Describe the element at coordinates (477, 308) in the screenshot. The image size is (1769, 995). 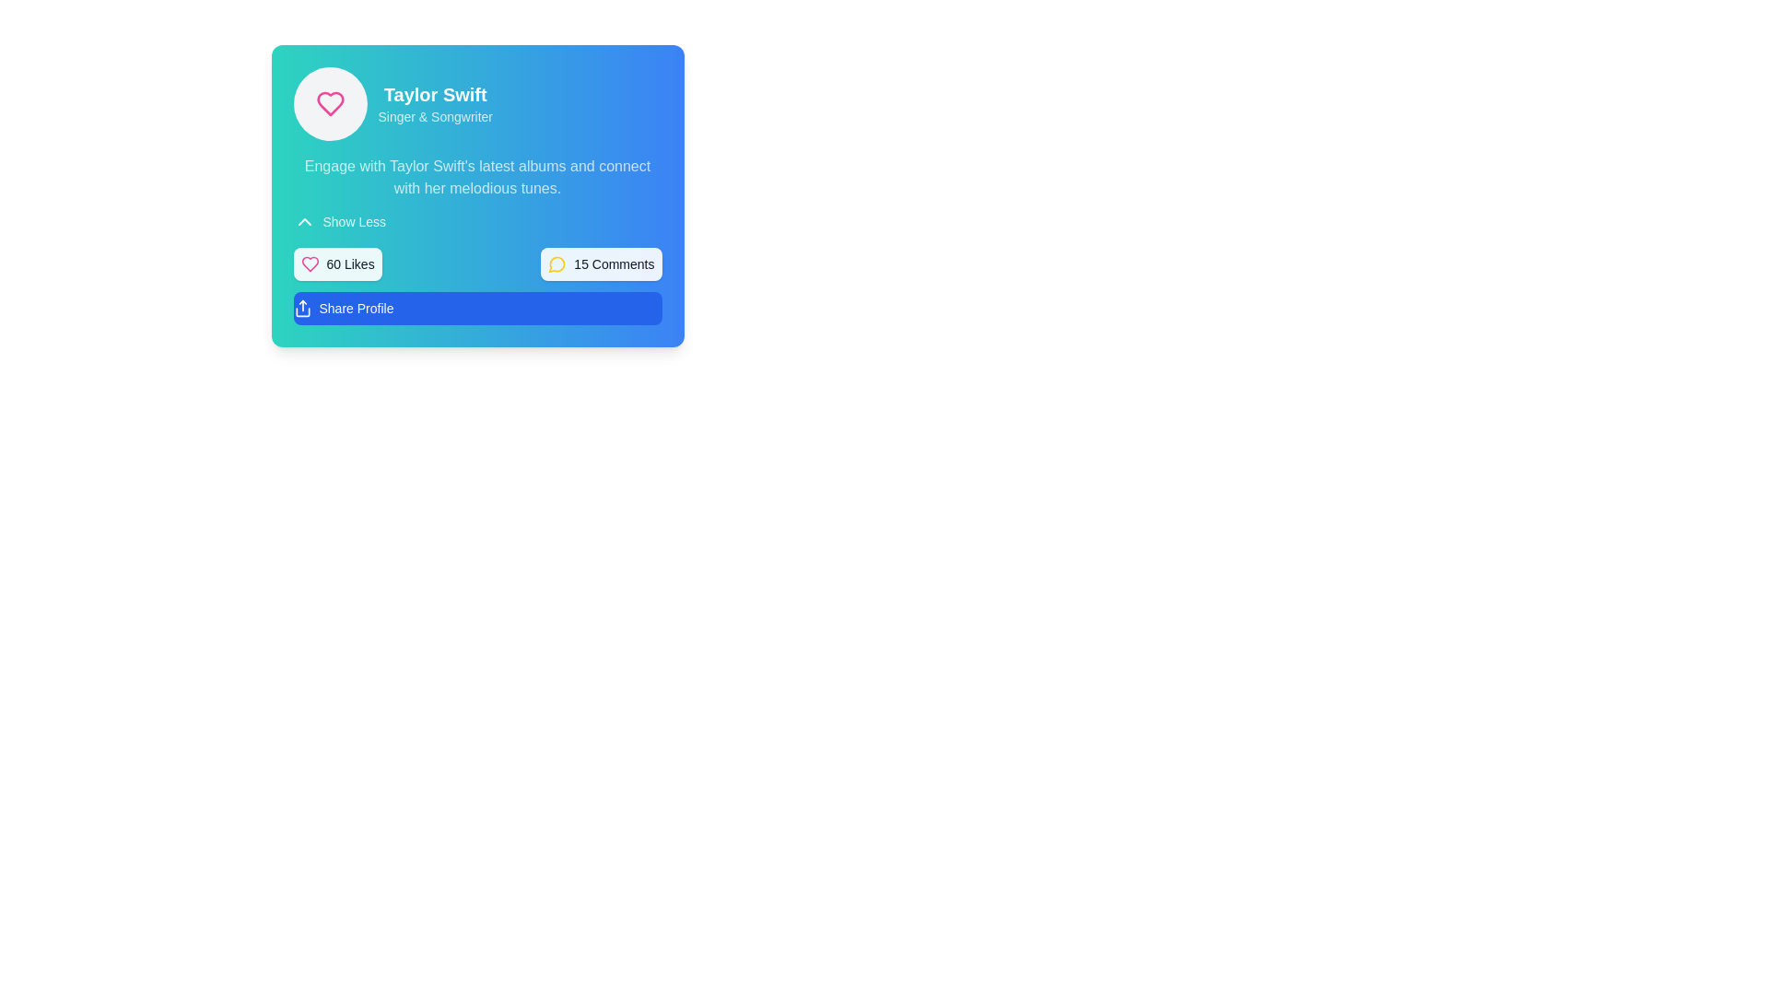
I see `the share button located beneath the '60 Likes' and '15 Comments' sections to share the associated profile` at that location.